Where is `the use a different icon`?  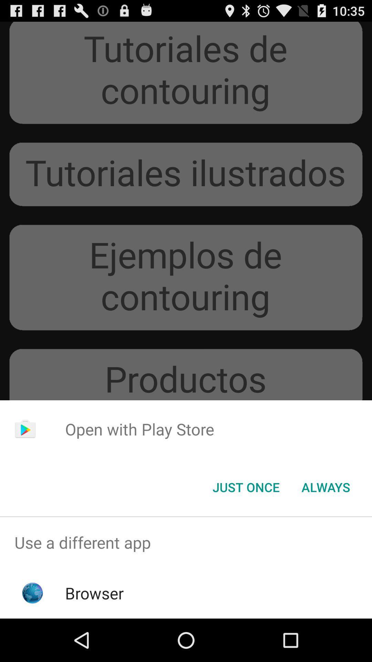
the use a different icon is located at coordinates (186, 542).